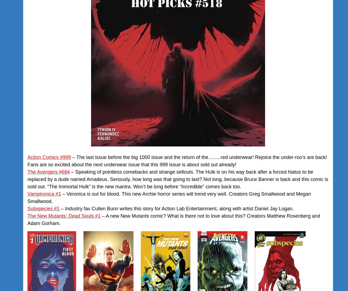  Describe the element at coordinates (27, 161) in the screenshot. I see `'– The last issue before the big 1000 issue and the return of the……..red underwear! Rejoice the under-roo’s are back! Fans are so excited about the next underwear issue that this 999 issue is about sold out already!'` at that location.